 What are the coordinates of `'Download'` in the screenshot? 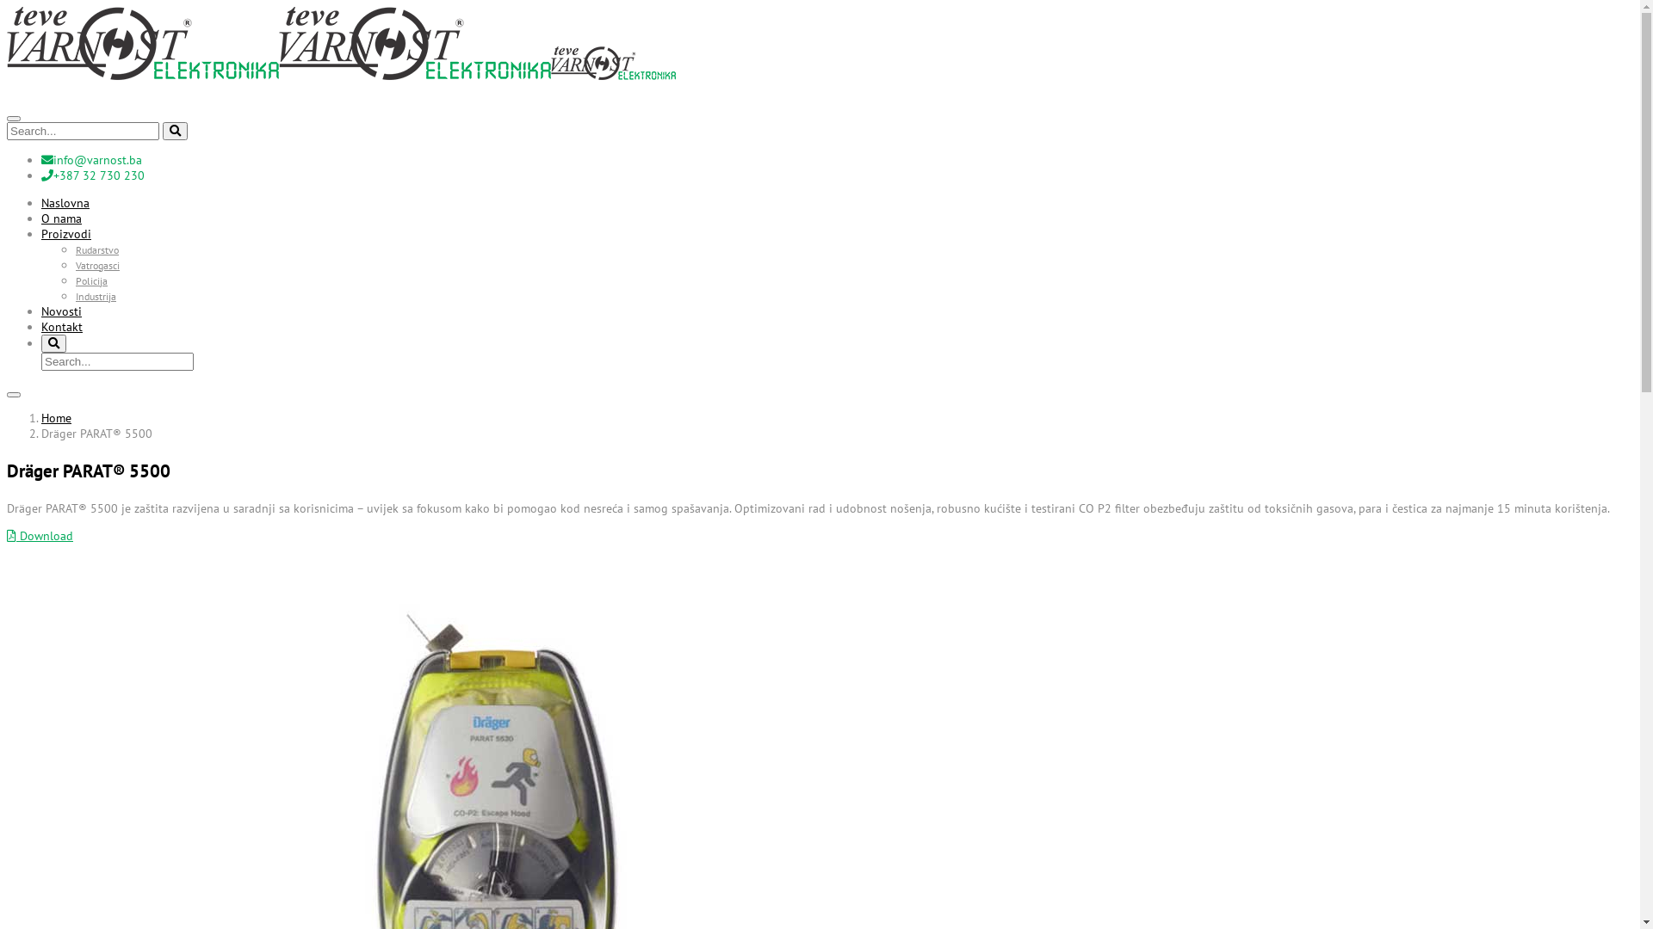 It's located at (40, 535).